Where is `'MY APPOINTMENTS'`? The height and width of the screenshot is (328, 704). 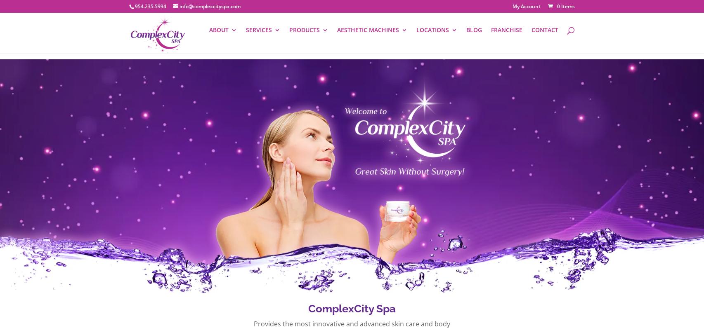 'MY APPOINTMENTS' is located at coordinates (389, 143).